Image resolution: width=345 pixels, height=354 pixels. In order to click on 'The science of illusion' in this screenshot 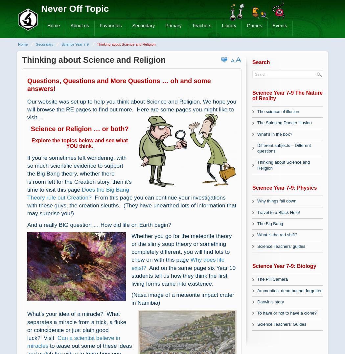, I will do `click(257, 111)`.